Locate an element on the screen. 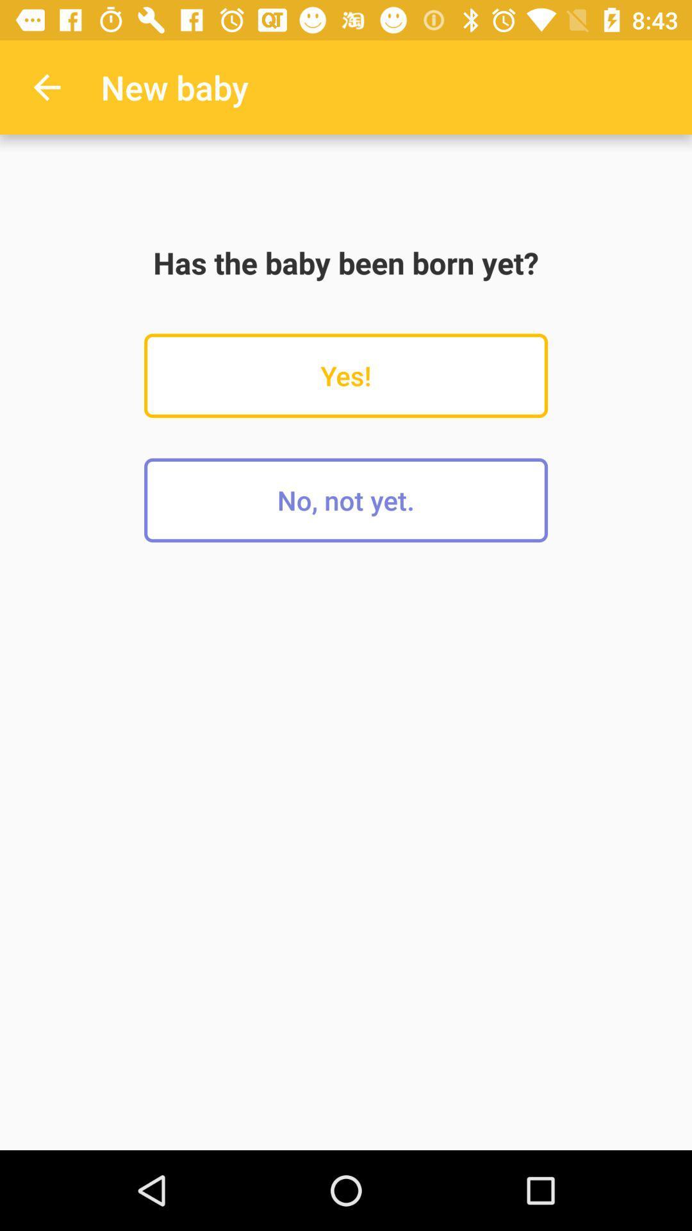 The width and height of the screenshot is (692, 1231). the item below the yes! is located at coordinates (346, 499).